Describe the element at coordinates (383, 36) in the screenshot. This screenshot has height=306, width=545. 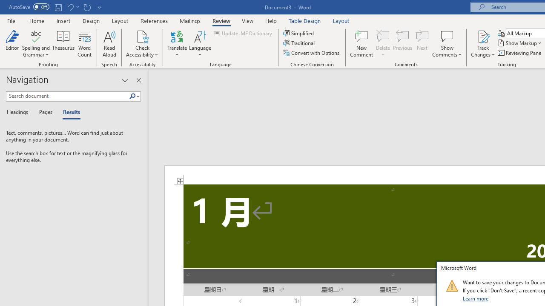
I see `'Delete'` at that location.